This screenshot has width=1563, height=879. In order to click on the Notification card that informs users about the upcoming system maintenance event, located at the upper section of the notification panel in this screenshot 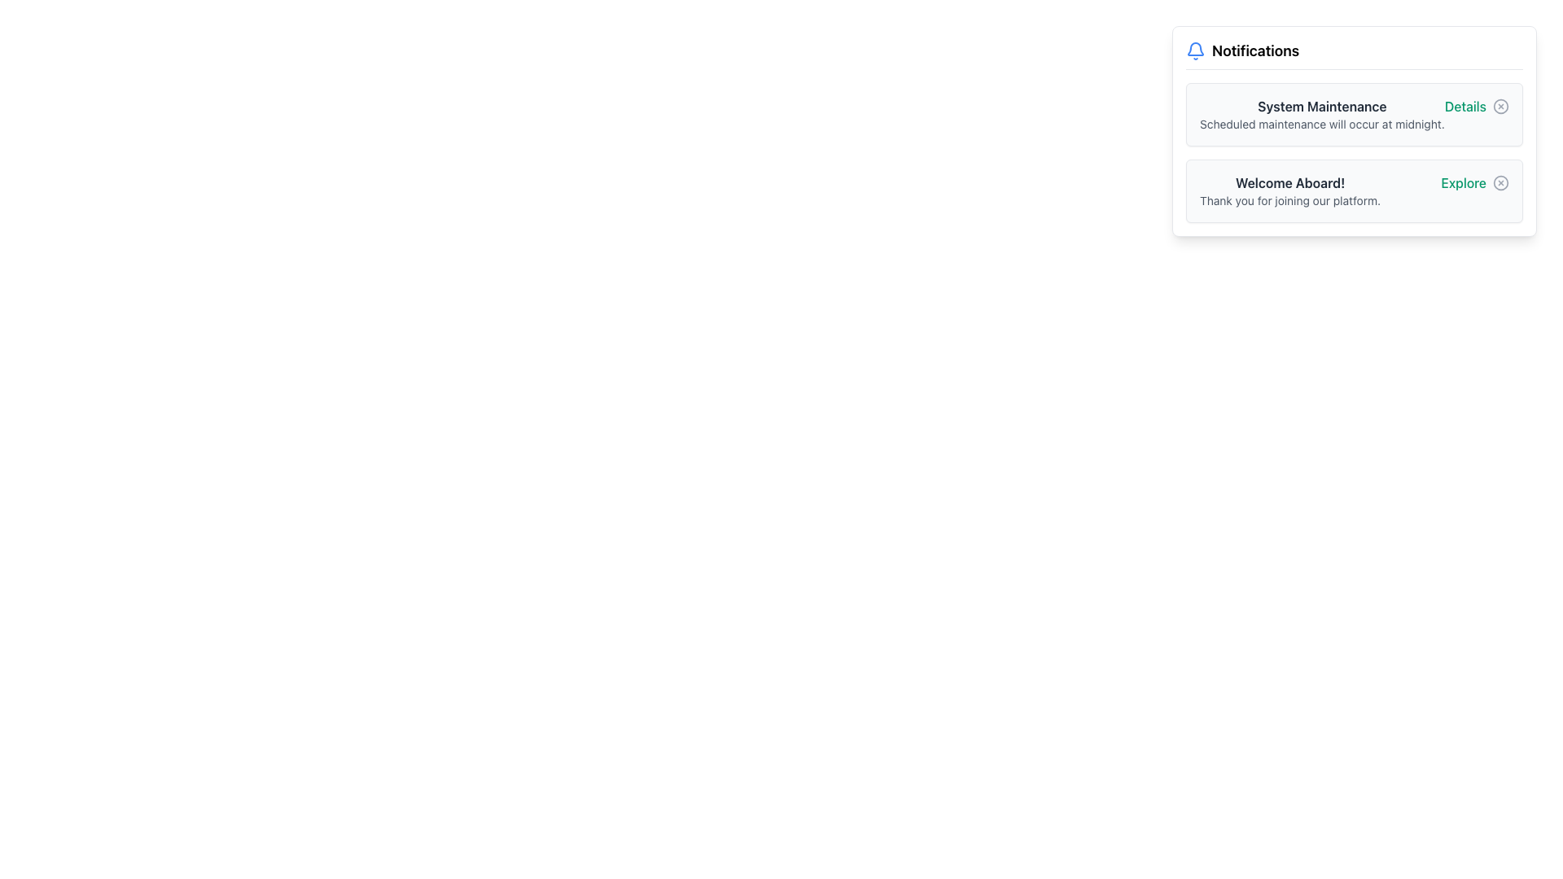, I will do `click(1355, 114)`.